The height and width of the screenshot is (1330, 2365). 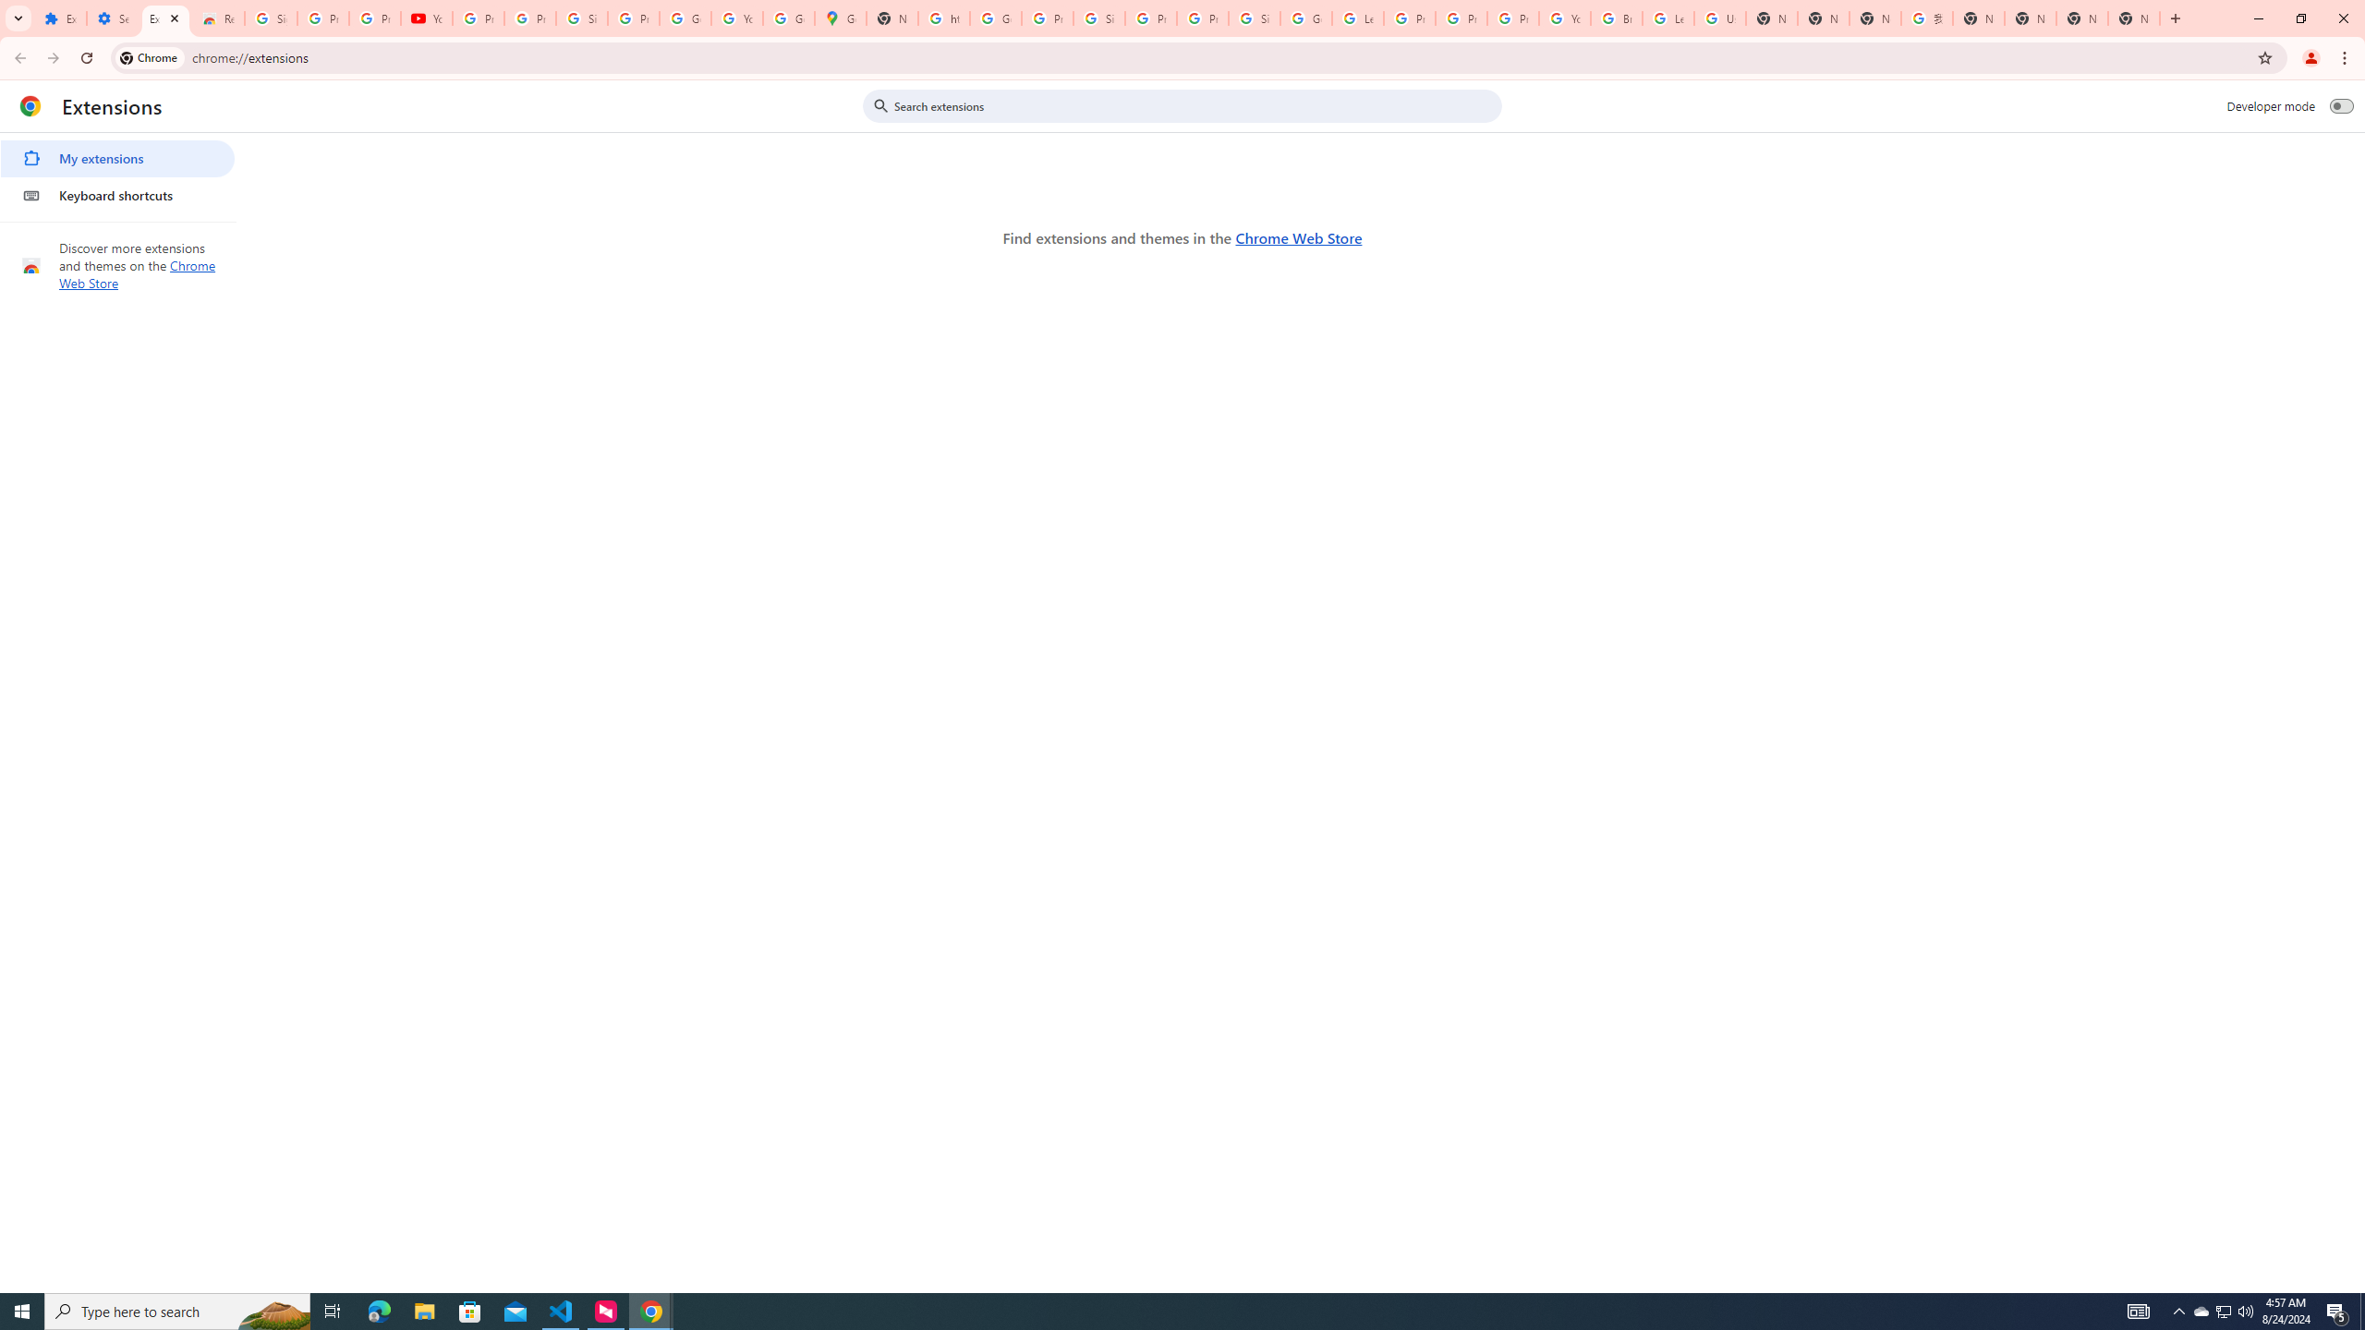 I want to click on 'Settings', so click(x=112, y=18).